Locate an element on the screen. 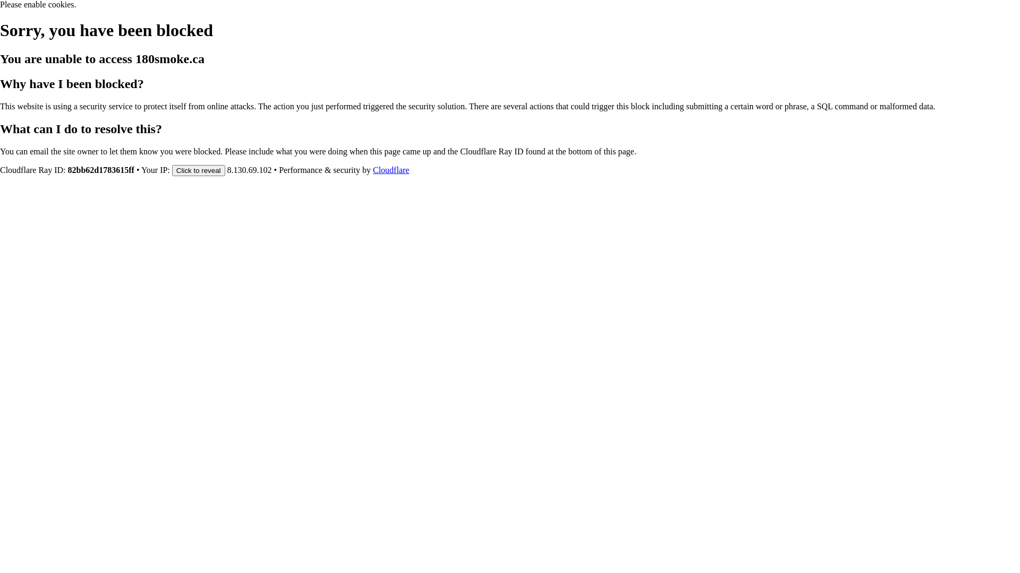 Image resolution: width=1020 pixels, height=573 pixels. 'Cloudflare' is located at coordinates (372, 169).